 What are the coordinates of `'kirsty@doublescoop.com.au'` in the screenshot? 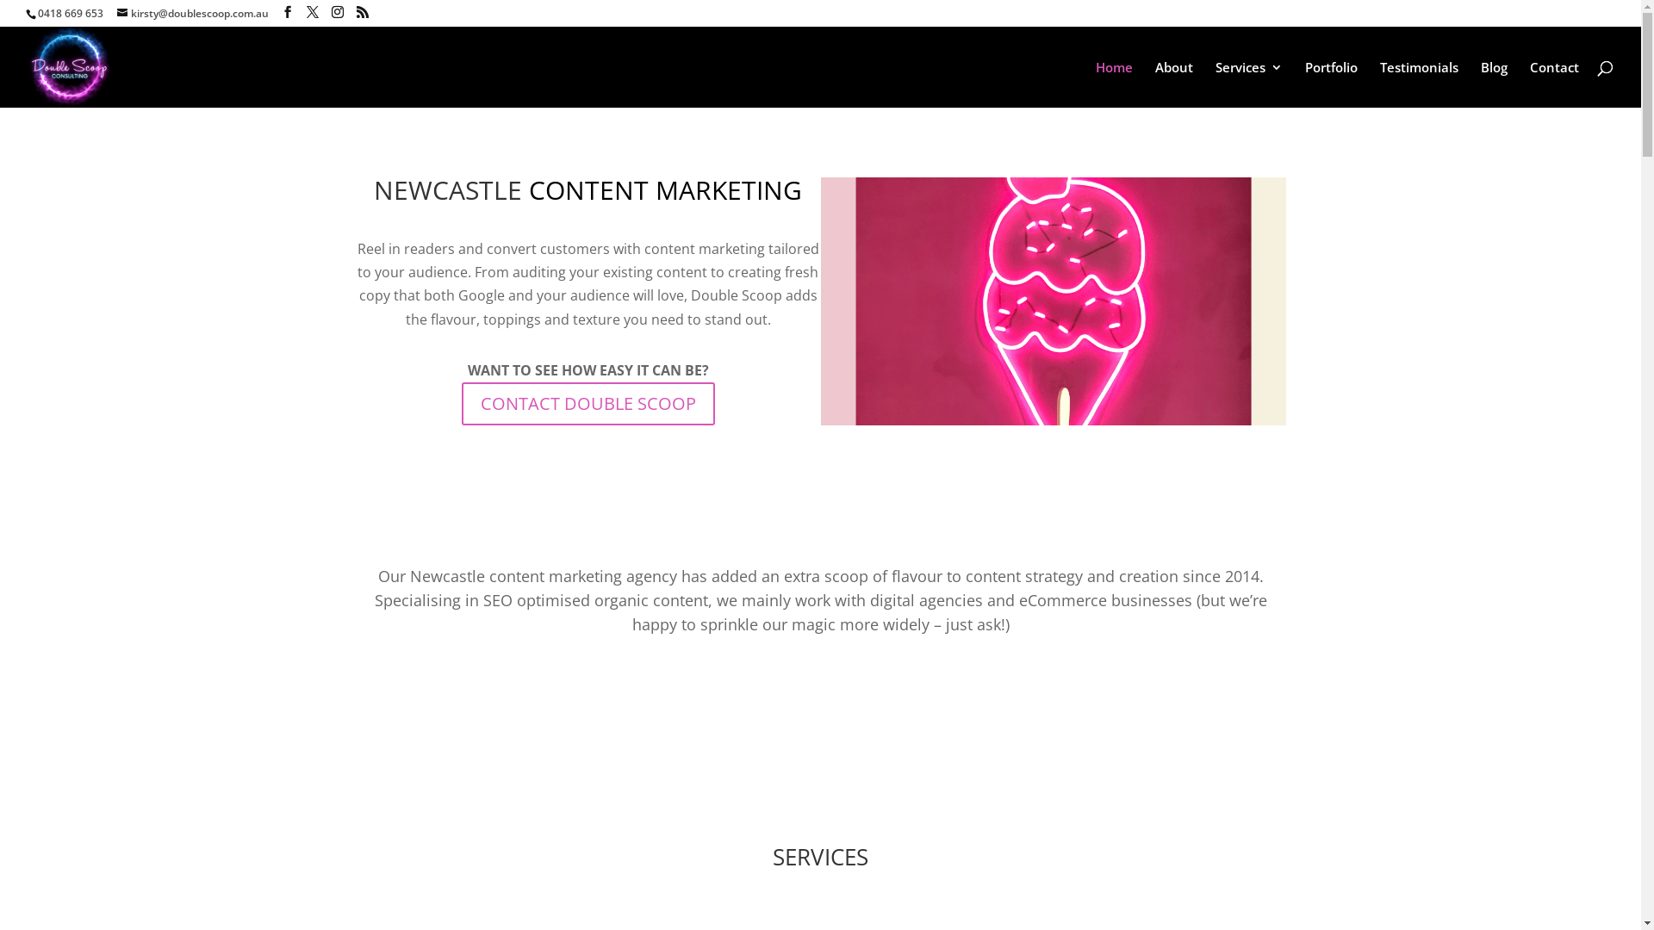 It's located at (193, 13).